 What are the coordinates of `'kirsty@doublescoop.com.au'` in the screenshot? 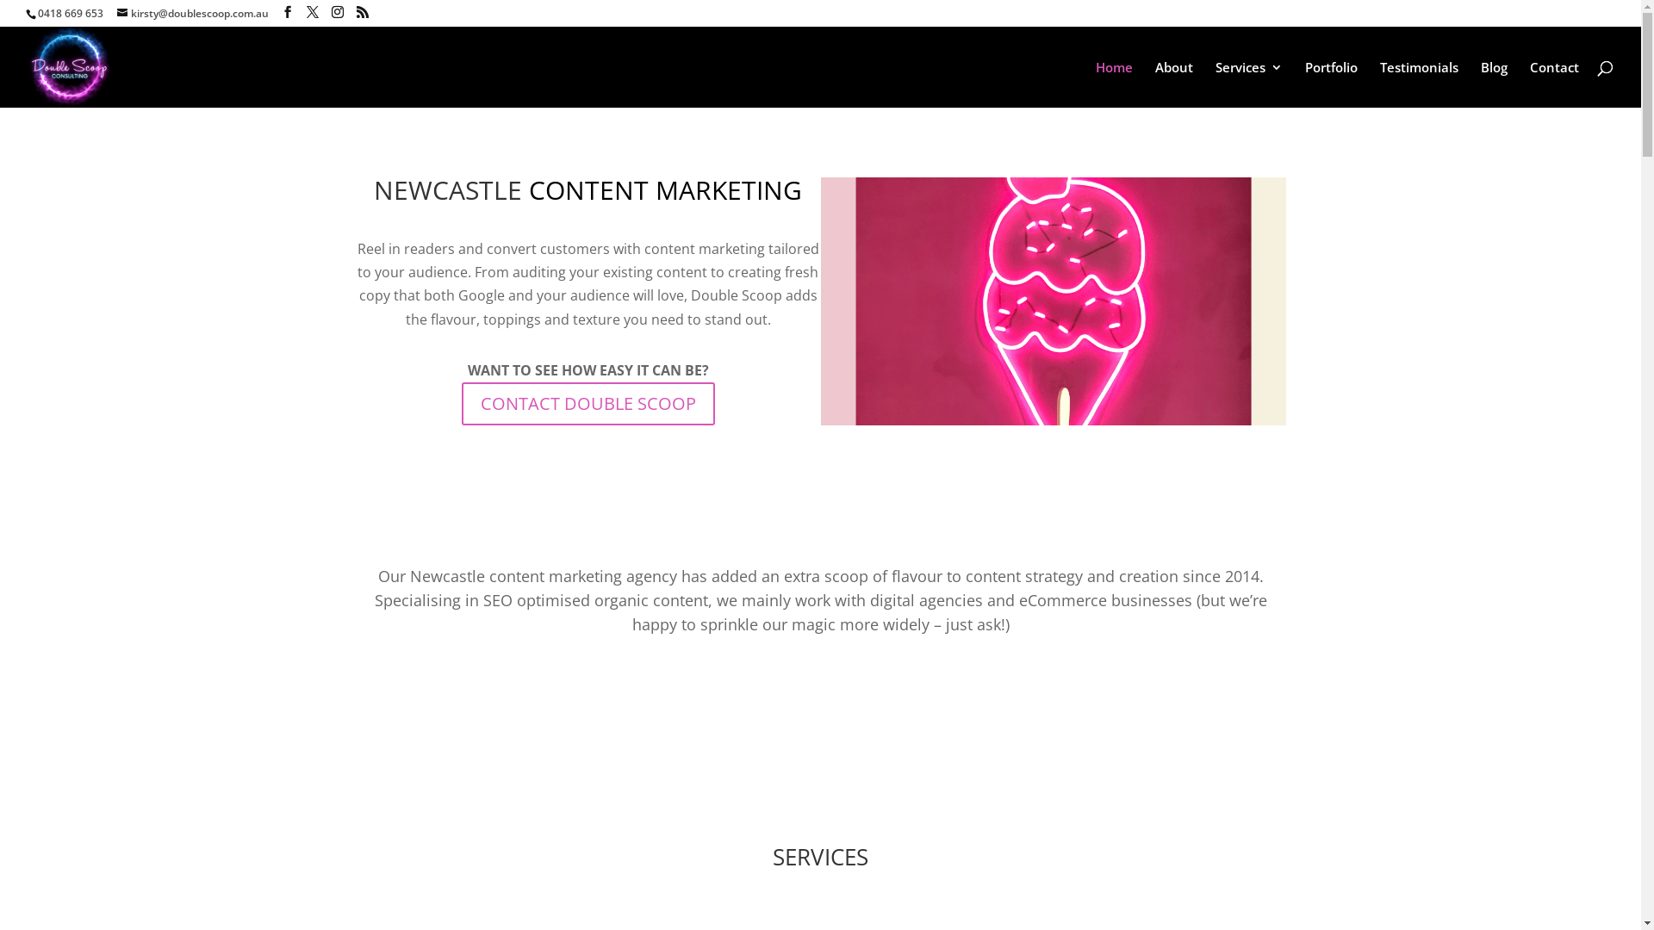 It's located at (193, 13).